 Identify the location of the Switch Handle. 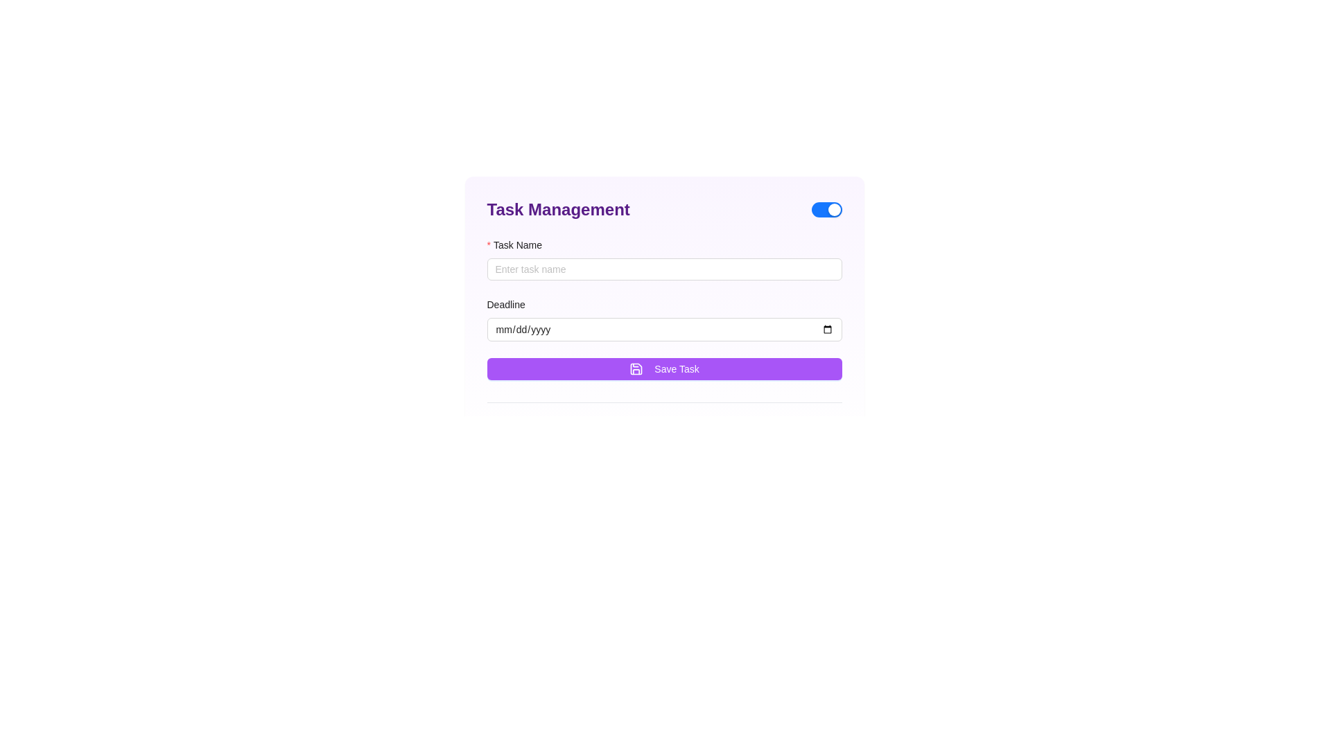
(833, 210).